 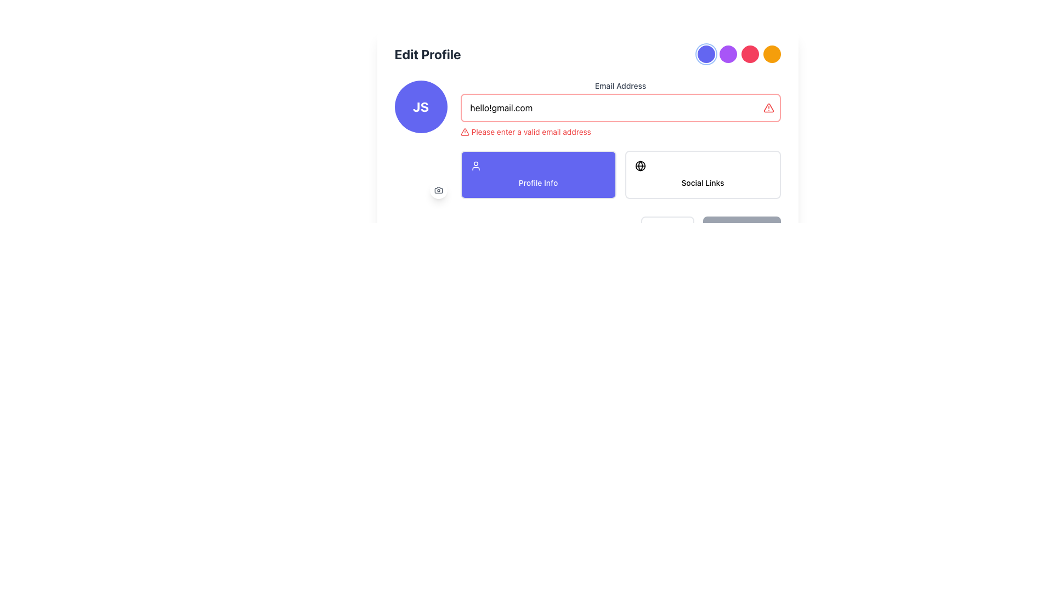 What do you see at coordinates (741, 227) in the screenshot?
I see `the 'Save Changes' button, which has a light gray background, white text, and is located at the bottom-right corner of the interface, despite it being in a disabled state` at bounding box center [741, 227].